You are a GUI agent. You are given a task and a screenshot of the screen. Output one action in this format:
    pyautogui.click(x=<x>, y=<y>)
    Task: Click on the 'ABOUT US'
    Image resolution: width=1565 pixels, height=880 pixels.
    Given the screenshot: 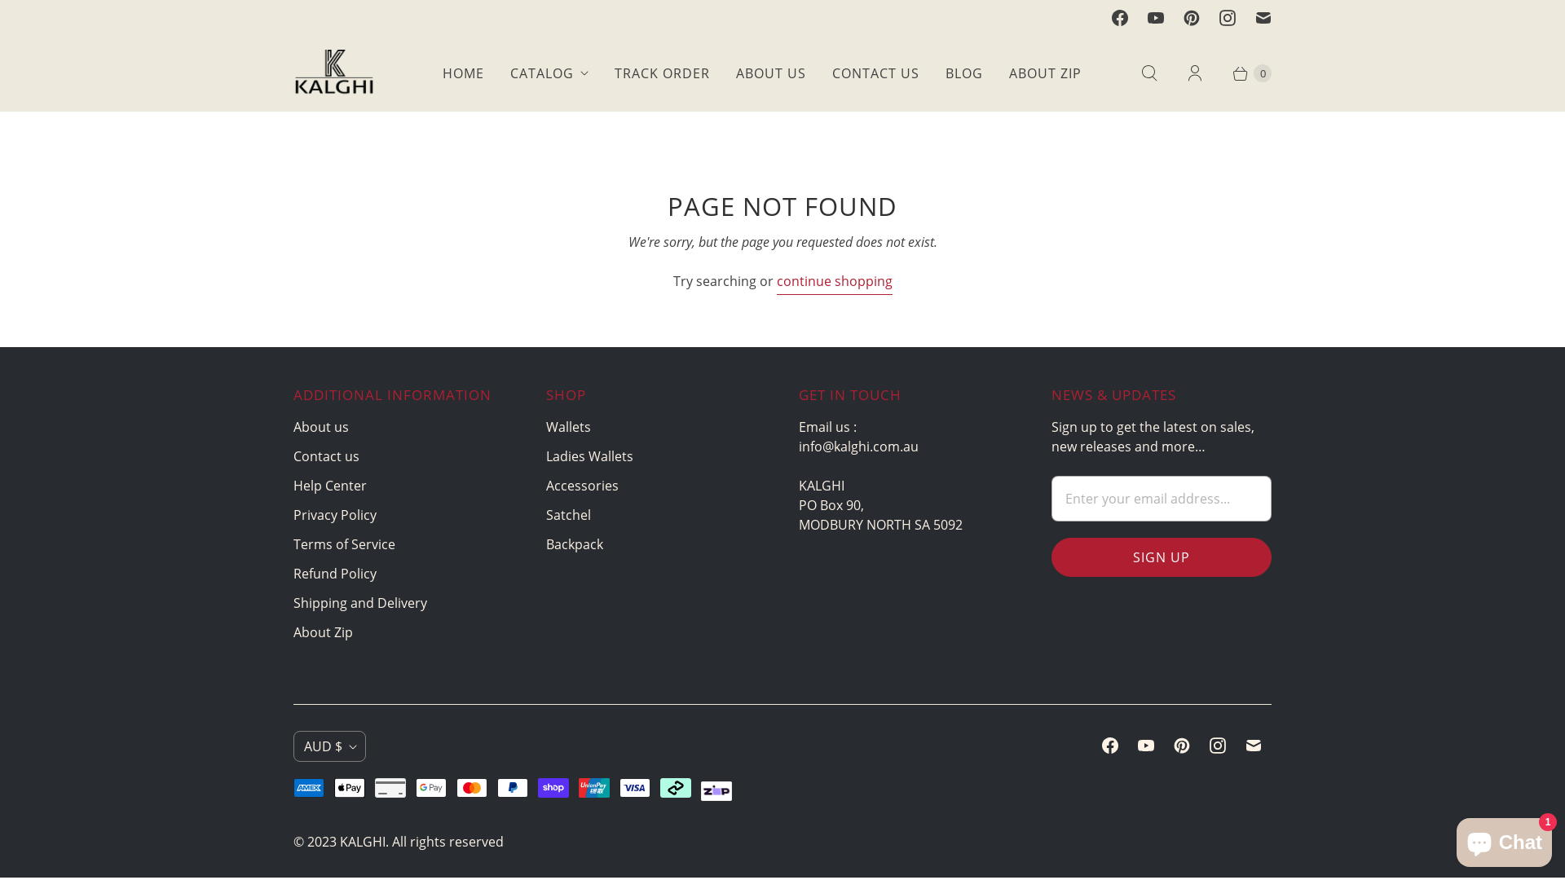 What is the action you would take?
    pyautogui.click(x=722, y=72)
    